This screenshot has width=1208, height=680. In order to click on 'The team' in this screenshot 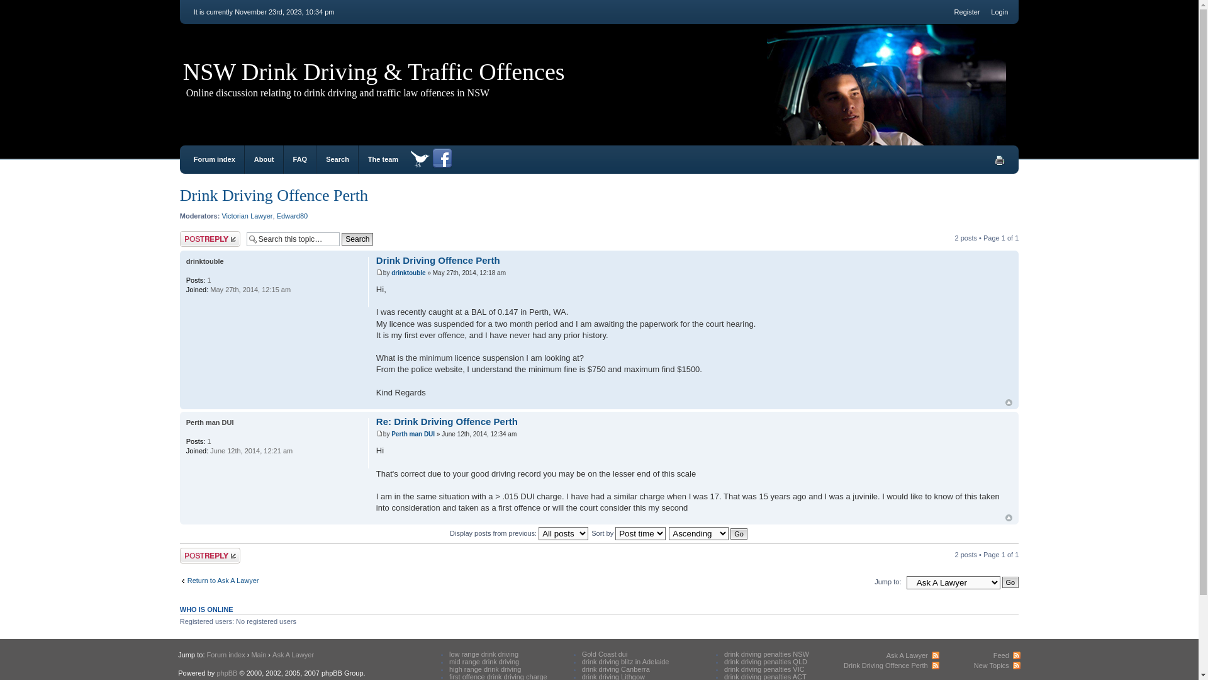, I will do `click(367, 159)`.